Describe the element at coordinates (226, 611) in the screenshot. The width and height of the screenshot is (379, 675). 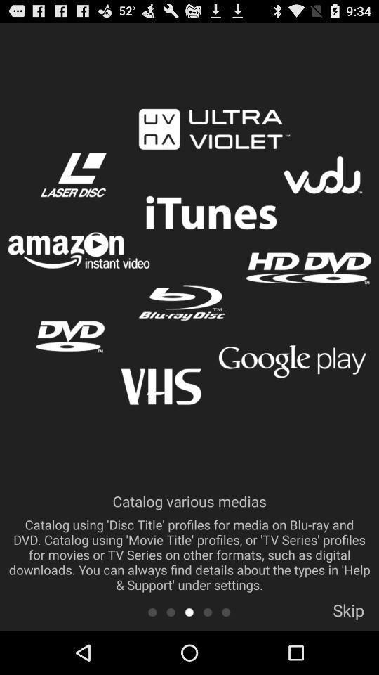
I see `next to` at that location.